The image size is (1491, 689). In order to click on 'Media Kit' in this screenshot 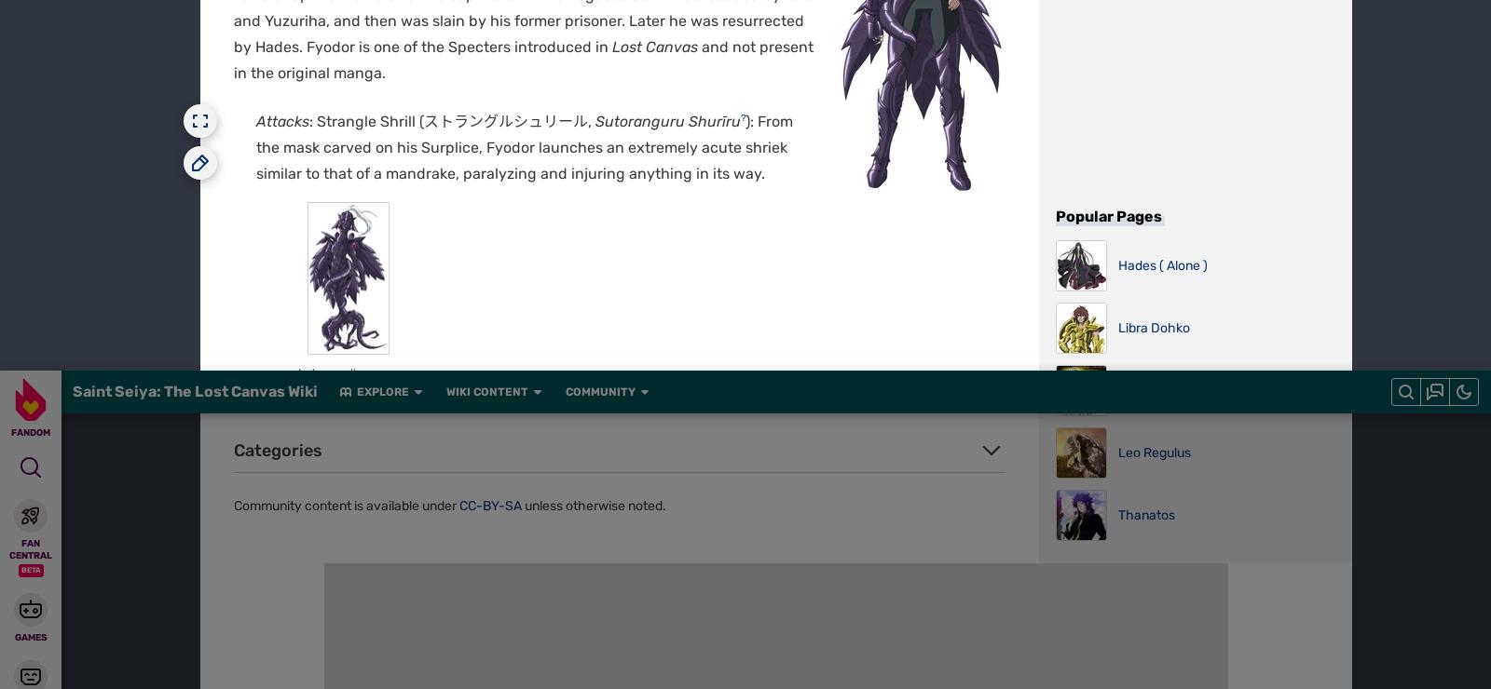, I will do `click(785, 134)`.